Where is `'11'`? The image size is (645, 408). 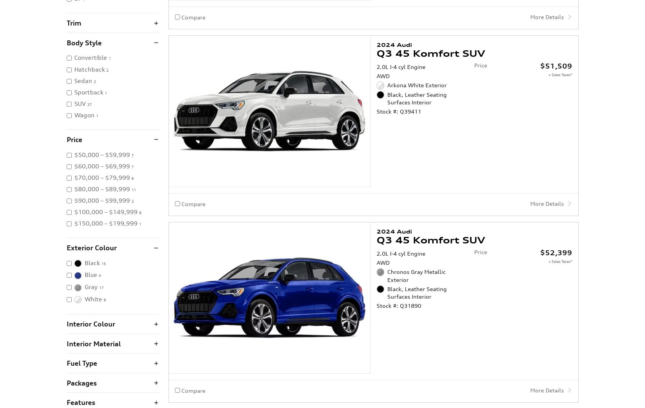
'11' is located at coordinates (131, 189).